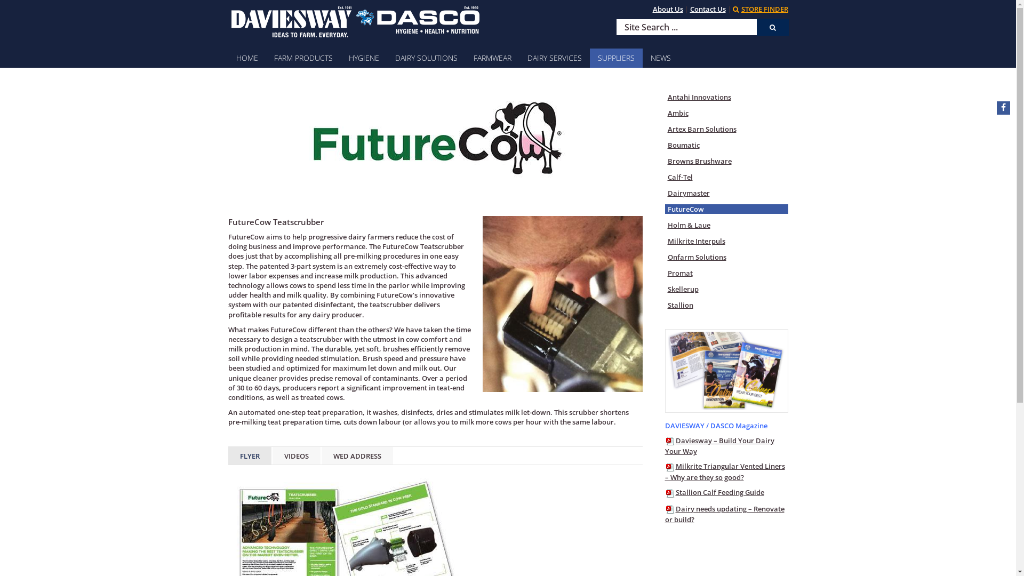  Describe the element at coordinates (302, 58) in the screenshot. I see `'FARM PRODUCTS'` at that location.